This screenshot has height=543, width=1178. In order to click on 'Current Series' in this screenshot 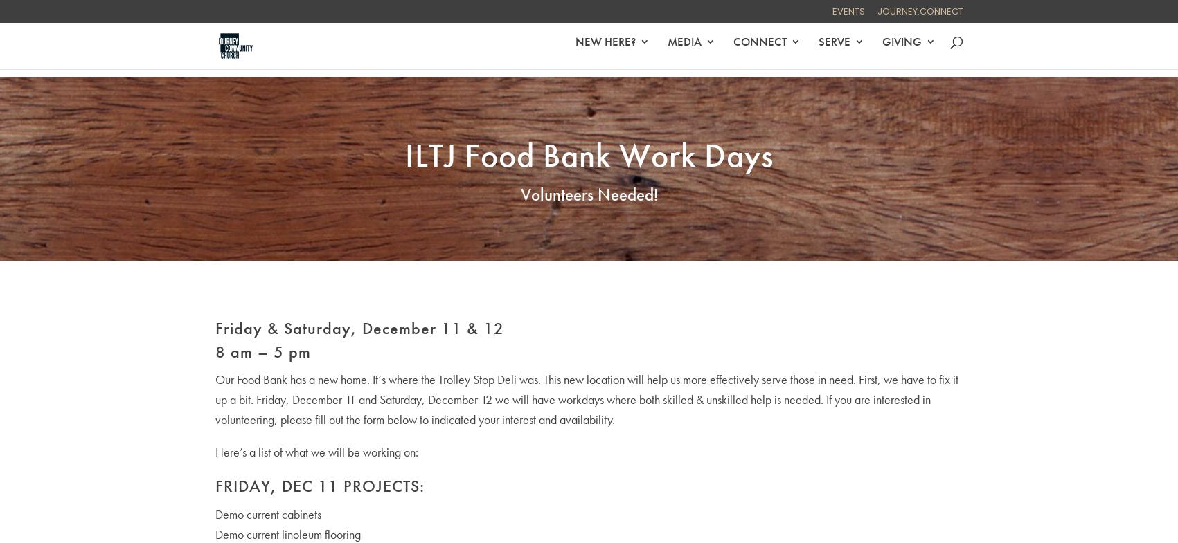, I will do `click(728, 162)`.